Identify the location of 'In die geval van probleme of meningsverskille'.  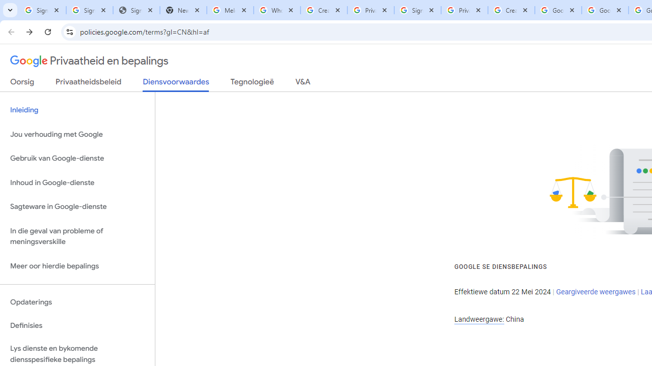
(77, 236).